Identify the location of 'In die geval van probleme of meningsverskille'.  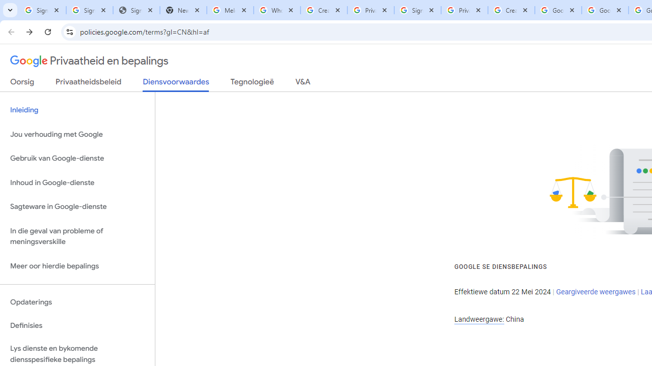
(77, 236).